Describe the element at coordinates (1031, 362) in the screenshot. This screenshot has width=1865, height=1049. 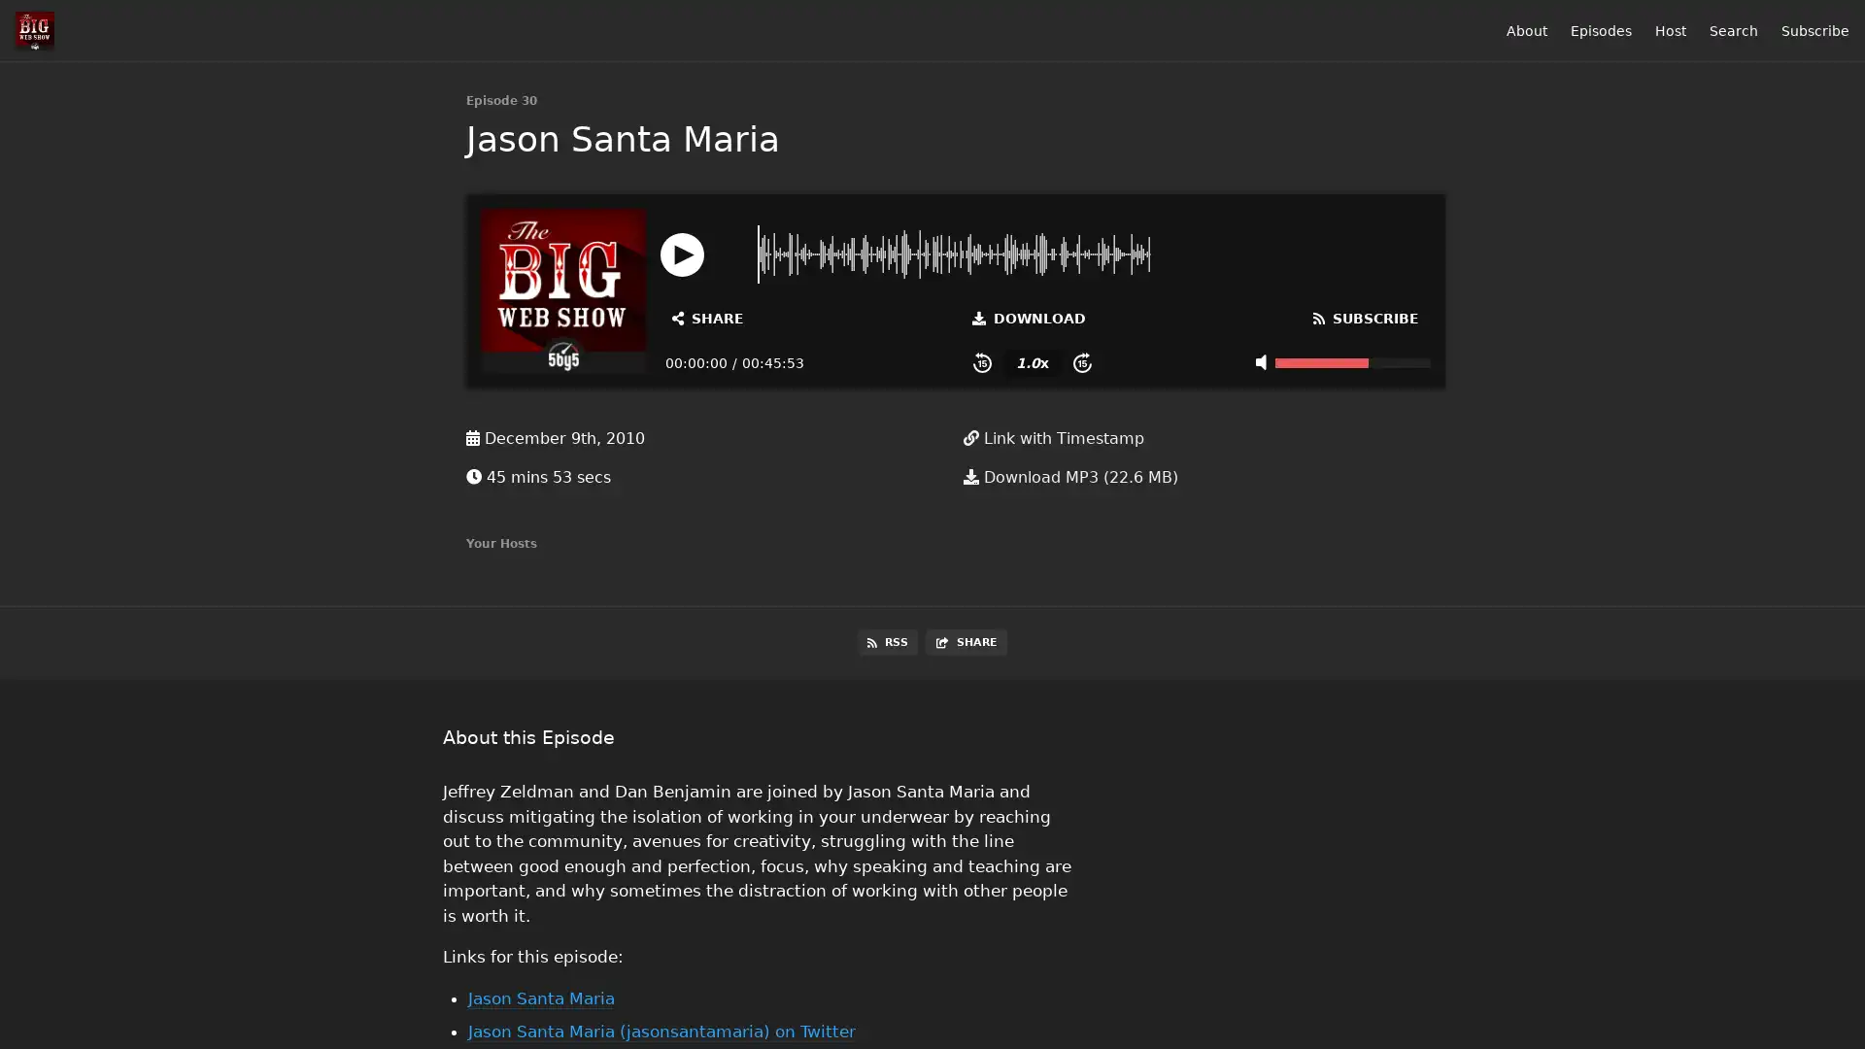
I see `Change Playback Speed` at that location.